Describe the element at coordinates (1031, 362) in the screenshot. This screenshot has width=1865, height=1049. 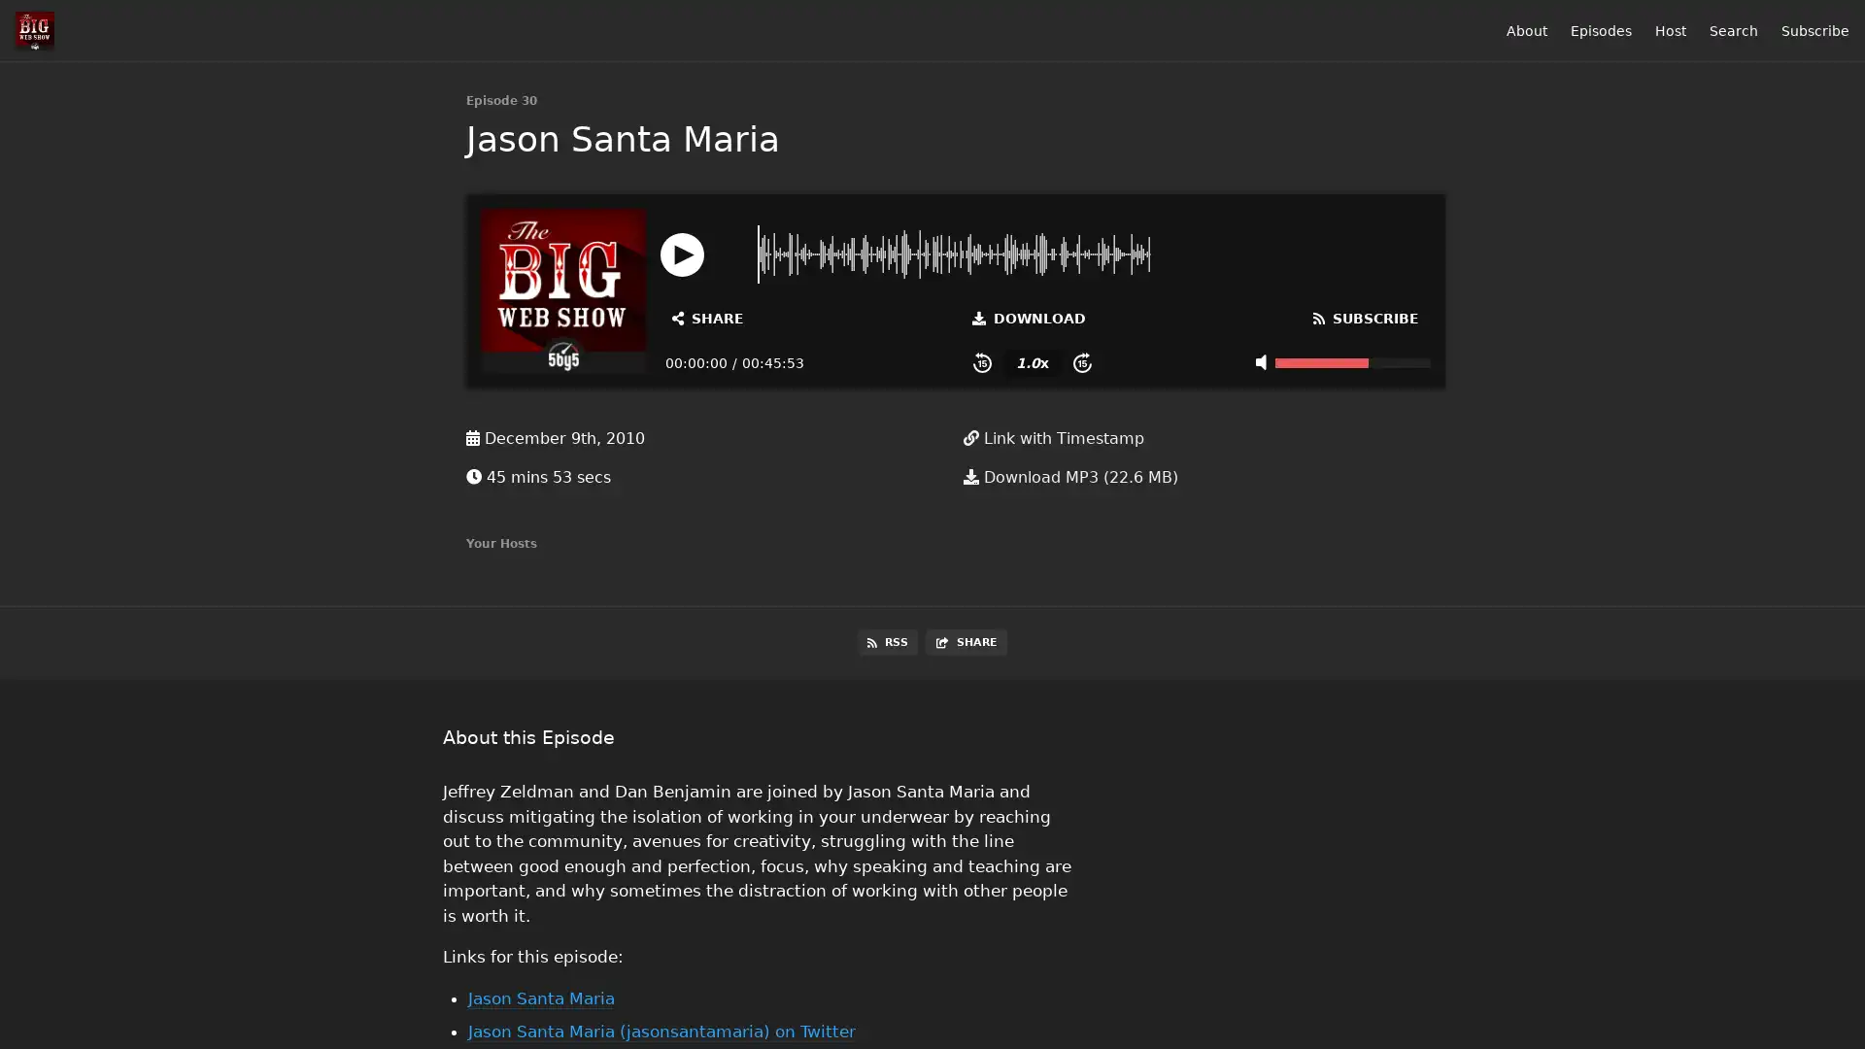
I see `Change Playback Speed` at that location.